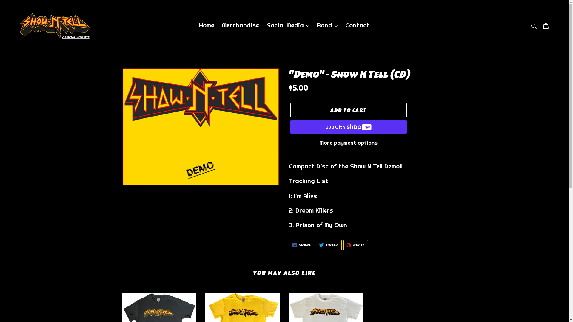 This screenshot has width=573, height=322. What do you see at coordinates (327, 25) in the screenshot?
I see `'Band'` at bounding box center [327, 25].